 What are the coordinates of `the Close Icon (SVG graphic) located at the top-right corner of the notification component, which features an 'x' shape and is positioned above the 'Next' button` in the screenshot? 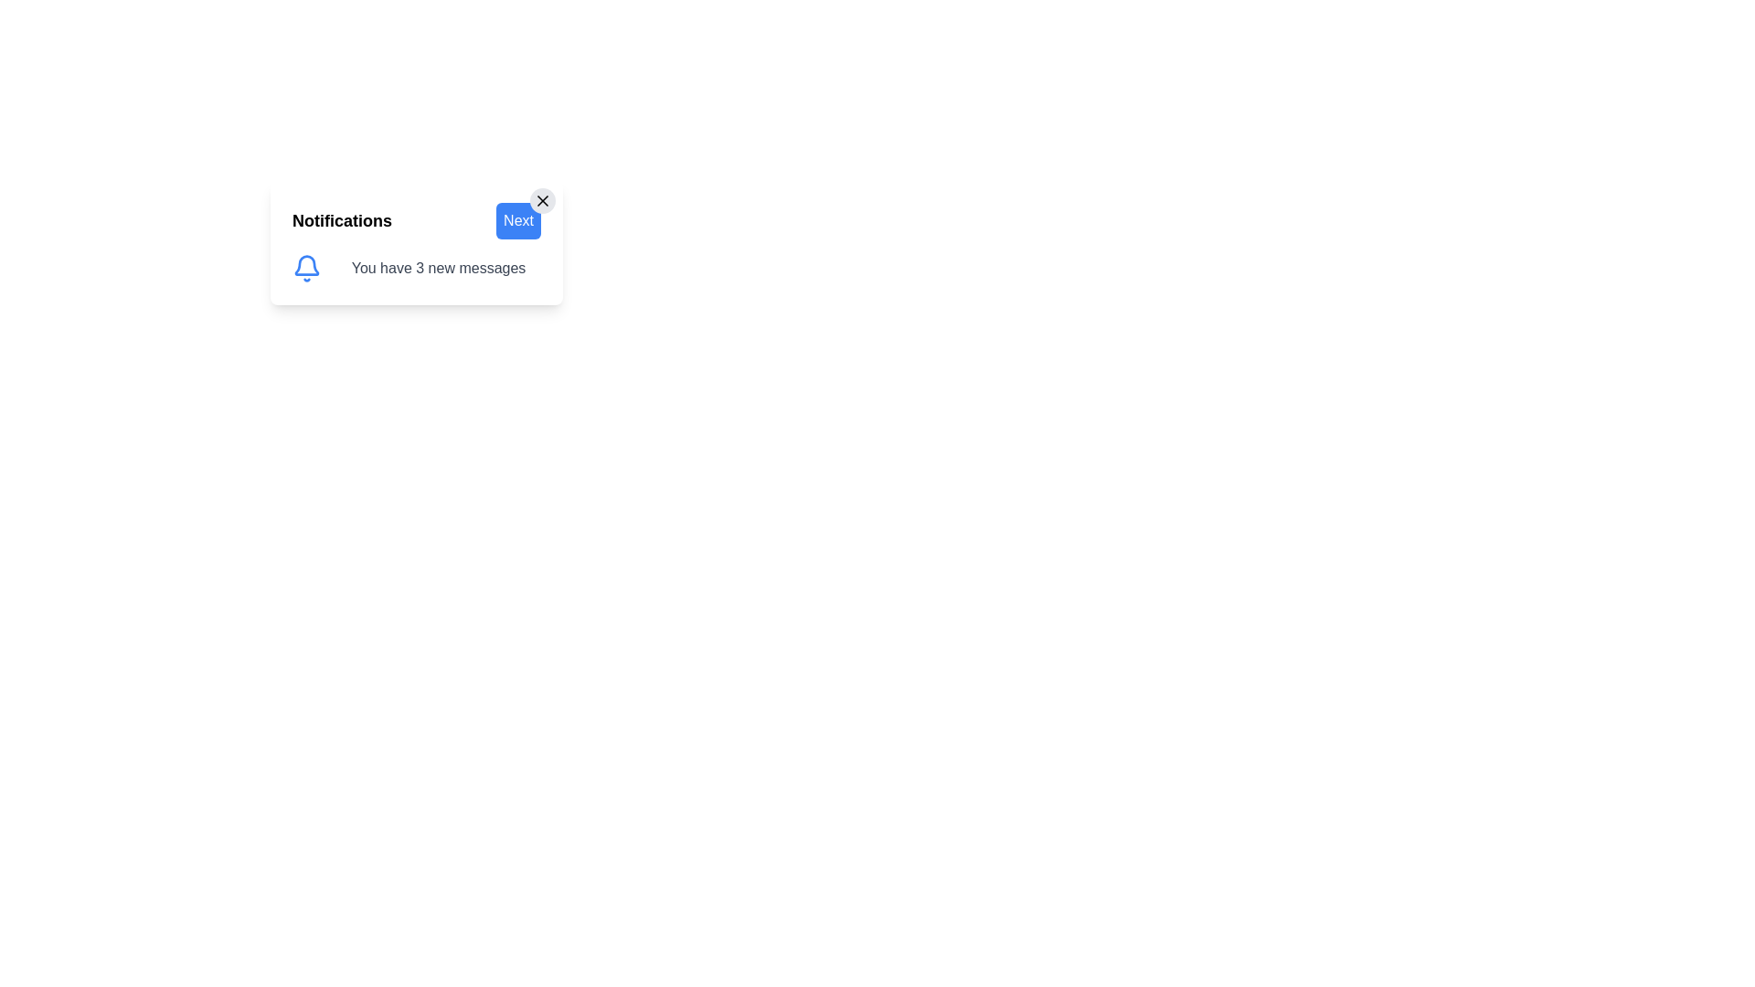 It's located at (542, 200).